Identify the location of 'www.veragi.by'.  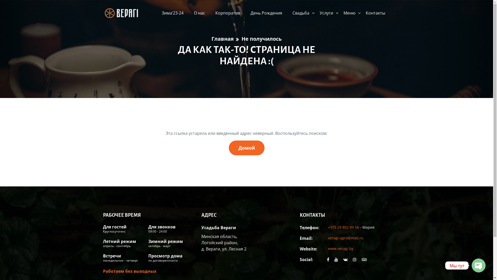
(327, 248).